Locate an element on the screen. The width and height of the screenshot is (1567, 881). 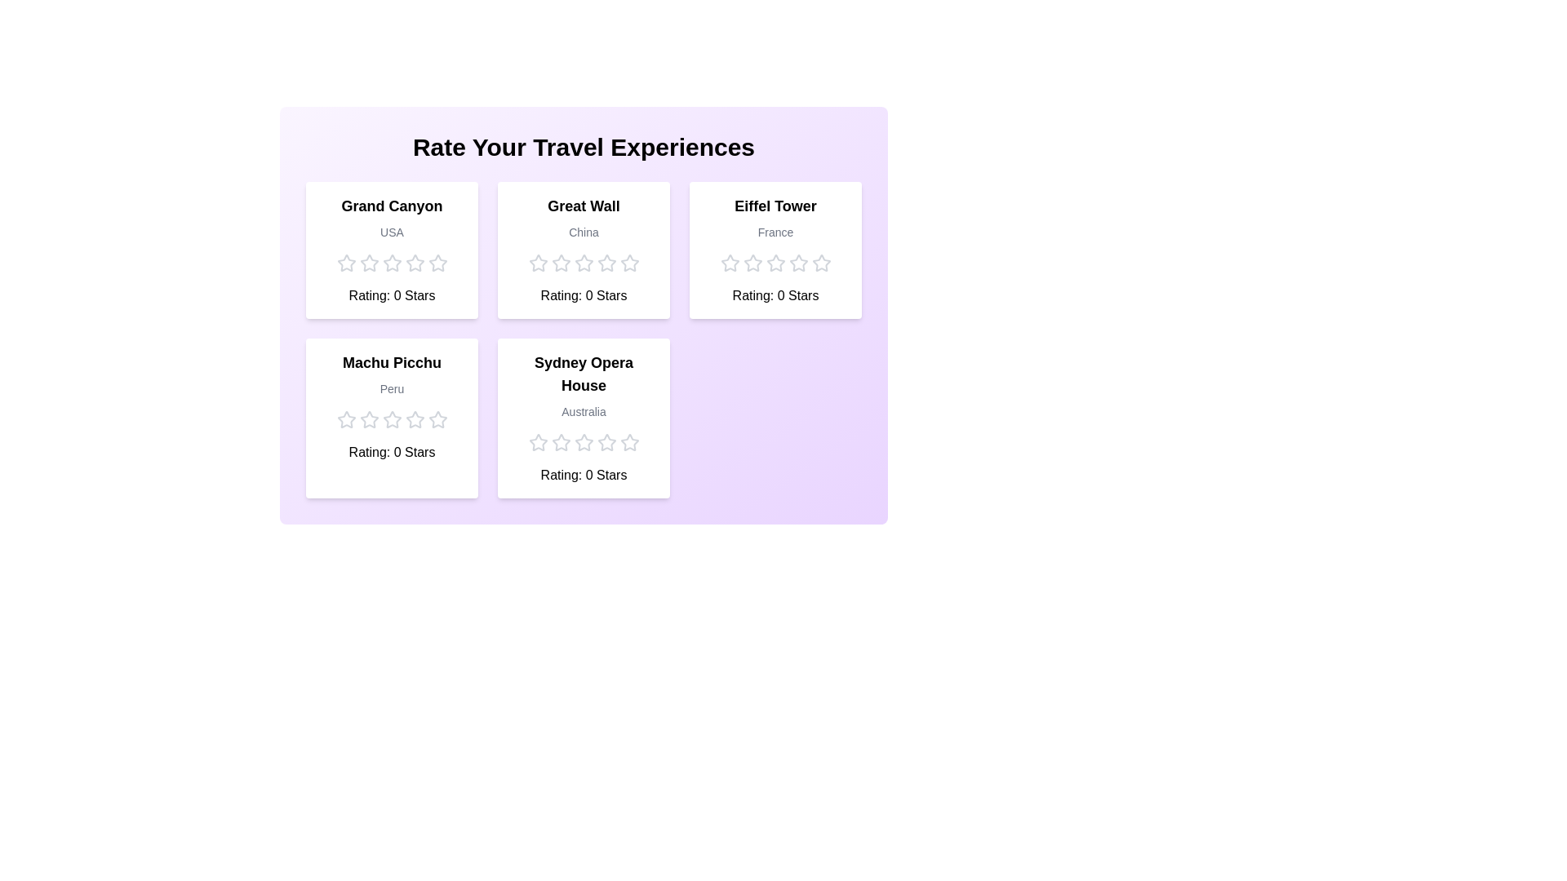
the star icon to visualize the rating for 5 stars is located at coordinates (437, 263).